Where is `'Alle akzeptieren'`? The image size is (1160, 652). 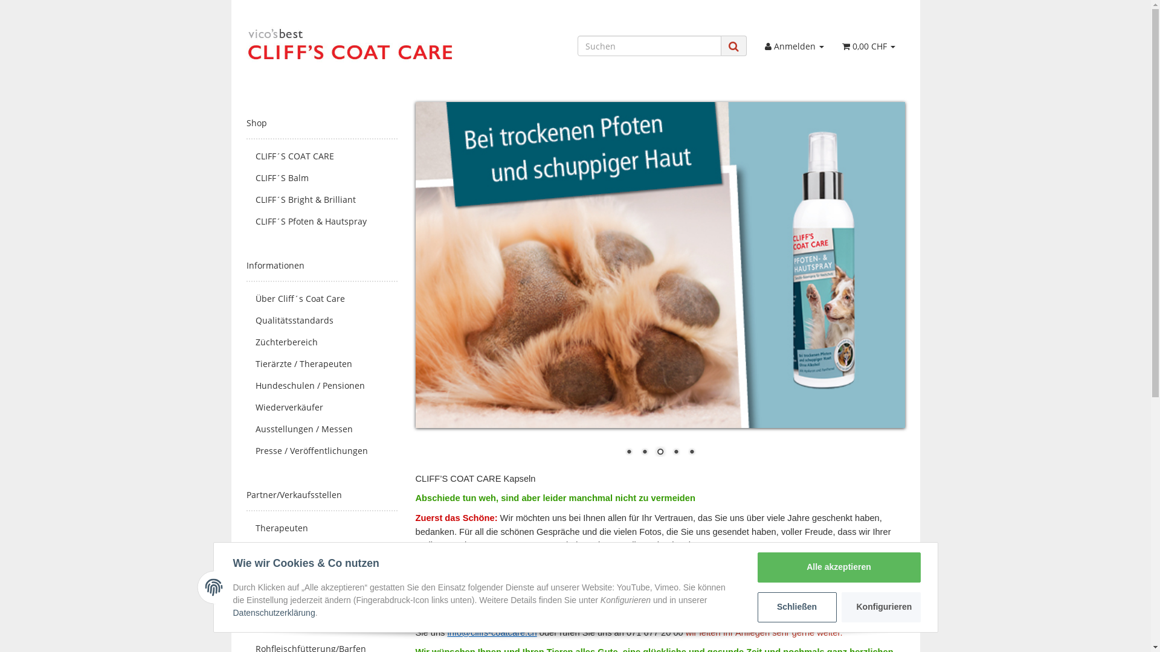
'Alle akzeptieren' is located at coordinates (756, 567).